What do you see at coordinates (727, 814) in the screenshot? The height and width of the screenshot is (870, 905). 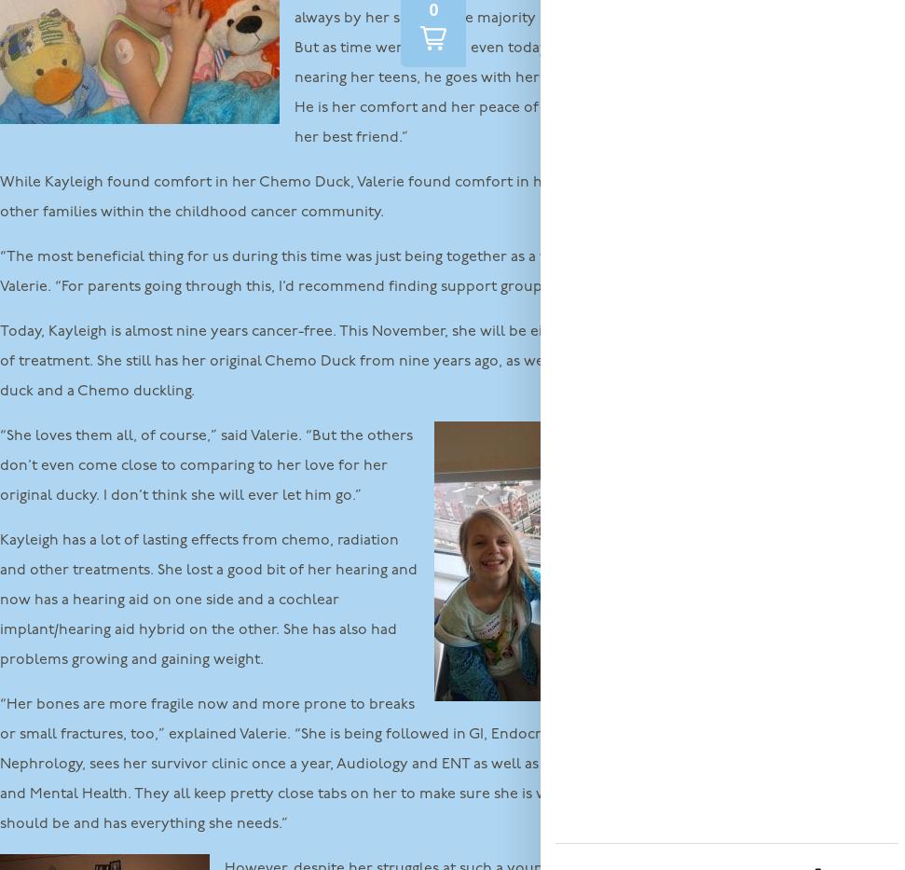 I see `'February 2013'` at bounding box center [727, 814].